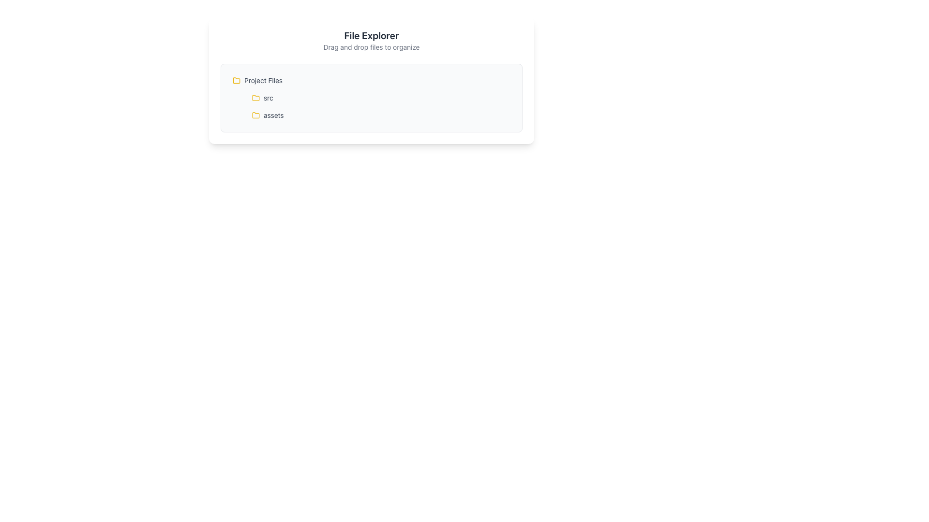 Image resolution: width=929 pixels, height=522 pixels. Describe the element at coordinates (263, 80) in the screenshot. I see `the 'Project Files' text label located within the 'File Explorer' interface, which is positioned next to a folder icon` at that location.